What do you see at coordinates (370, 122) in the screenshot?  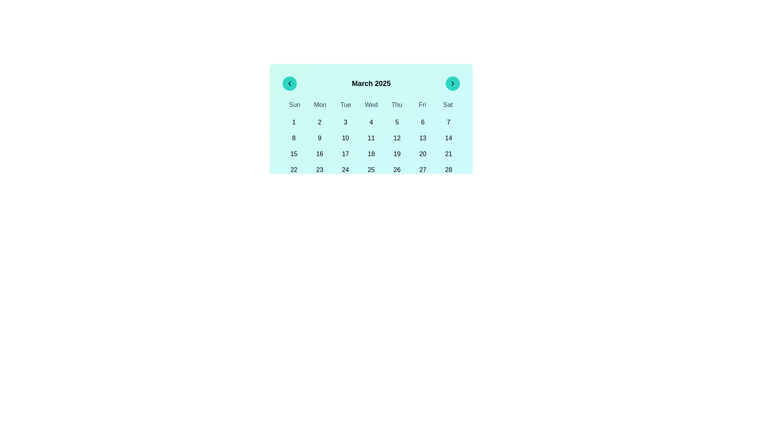 I see `the rounded button labeled '4' in the calendar grid under the header 'March 2025'` at bounding box center [370, 122].